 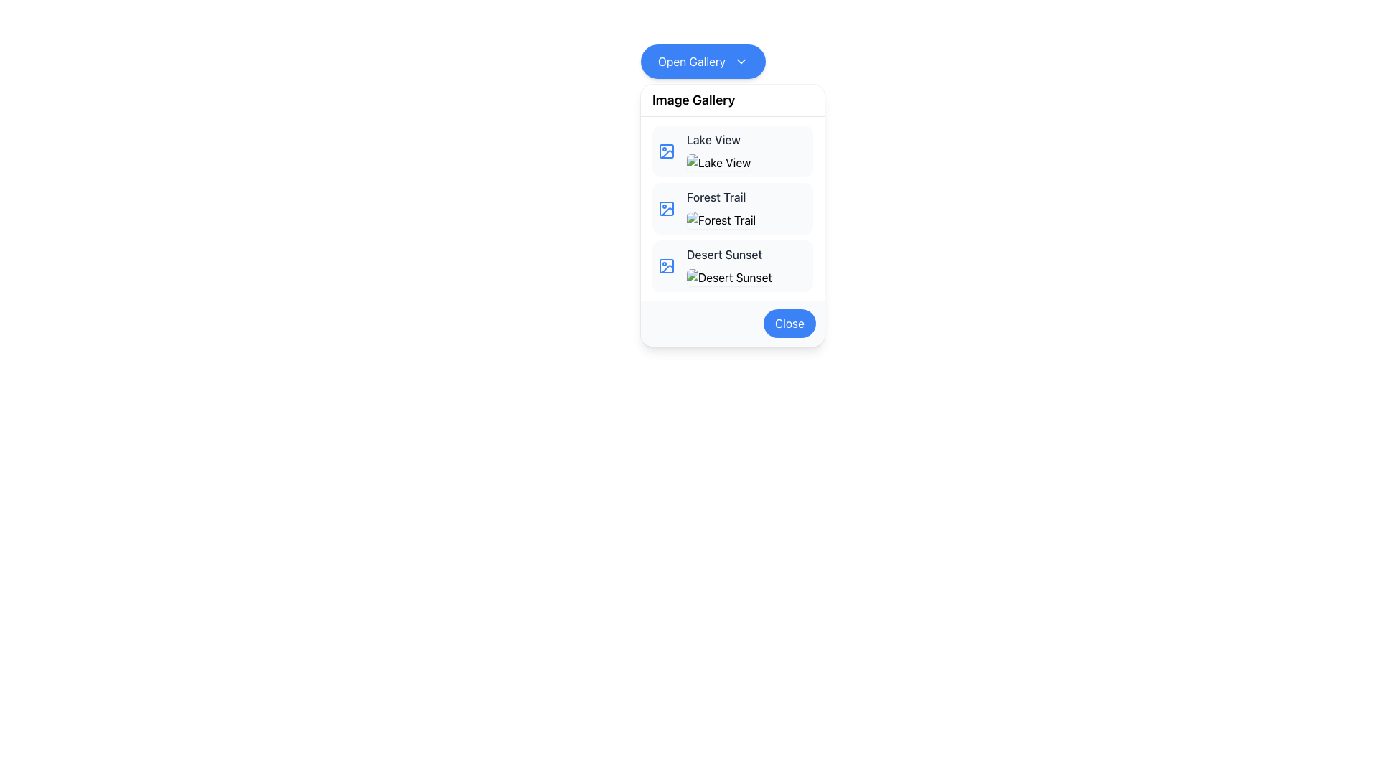 I want to click on the graphical shape within the icon located in the second row of the gallery list, adjacent to the text 'Forest Trail', if it is interactive, so click(x=665, y=208).